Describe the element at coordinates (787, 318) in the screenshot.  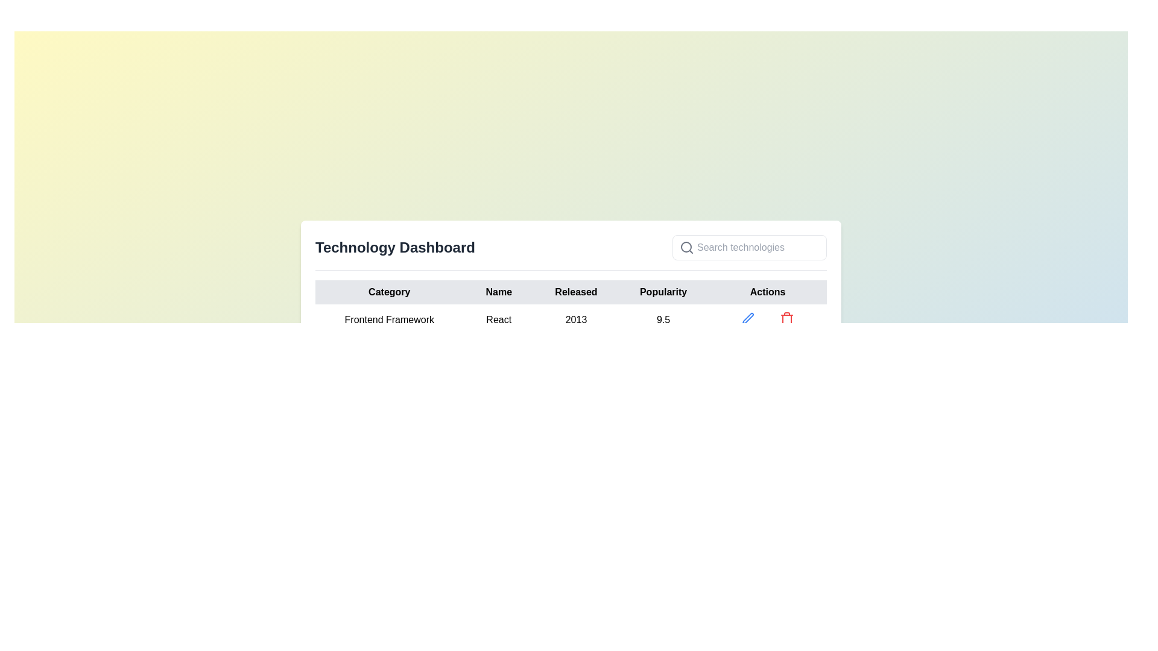
I see `the red trash icon button in the Actions column` at that location.